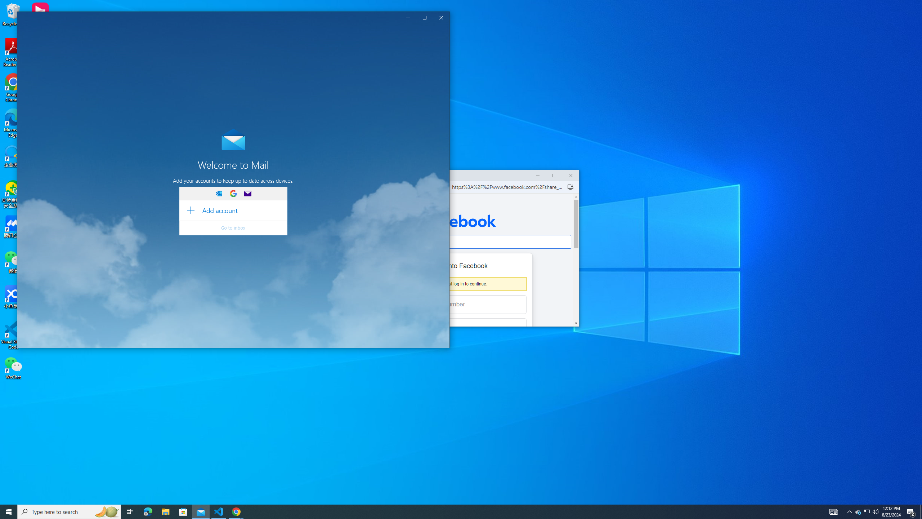 This screenshot has height=519, width=922. What do you see at coordinates (866, 511) in the screenshot?
I see `'User Promoted Notification Area'` at bounding box center [866, 511].